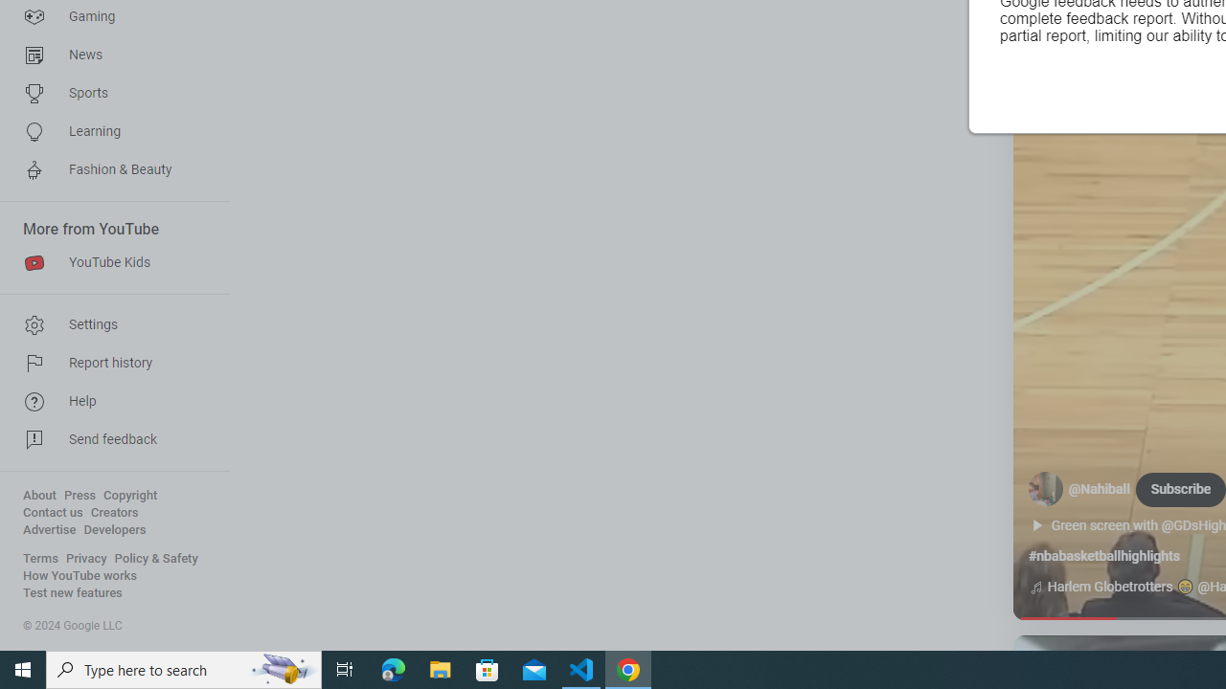 The height and width of the screenshot is (689, 1226). I want to click on 'Settings', so click(107, 323).